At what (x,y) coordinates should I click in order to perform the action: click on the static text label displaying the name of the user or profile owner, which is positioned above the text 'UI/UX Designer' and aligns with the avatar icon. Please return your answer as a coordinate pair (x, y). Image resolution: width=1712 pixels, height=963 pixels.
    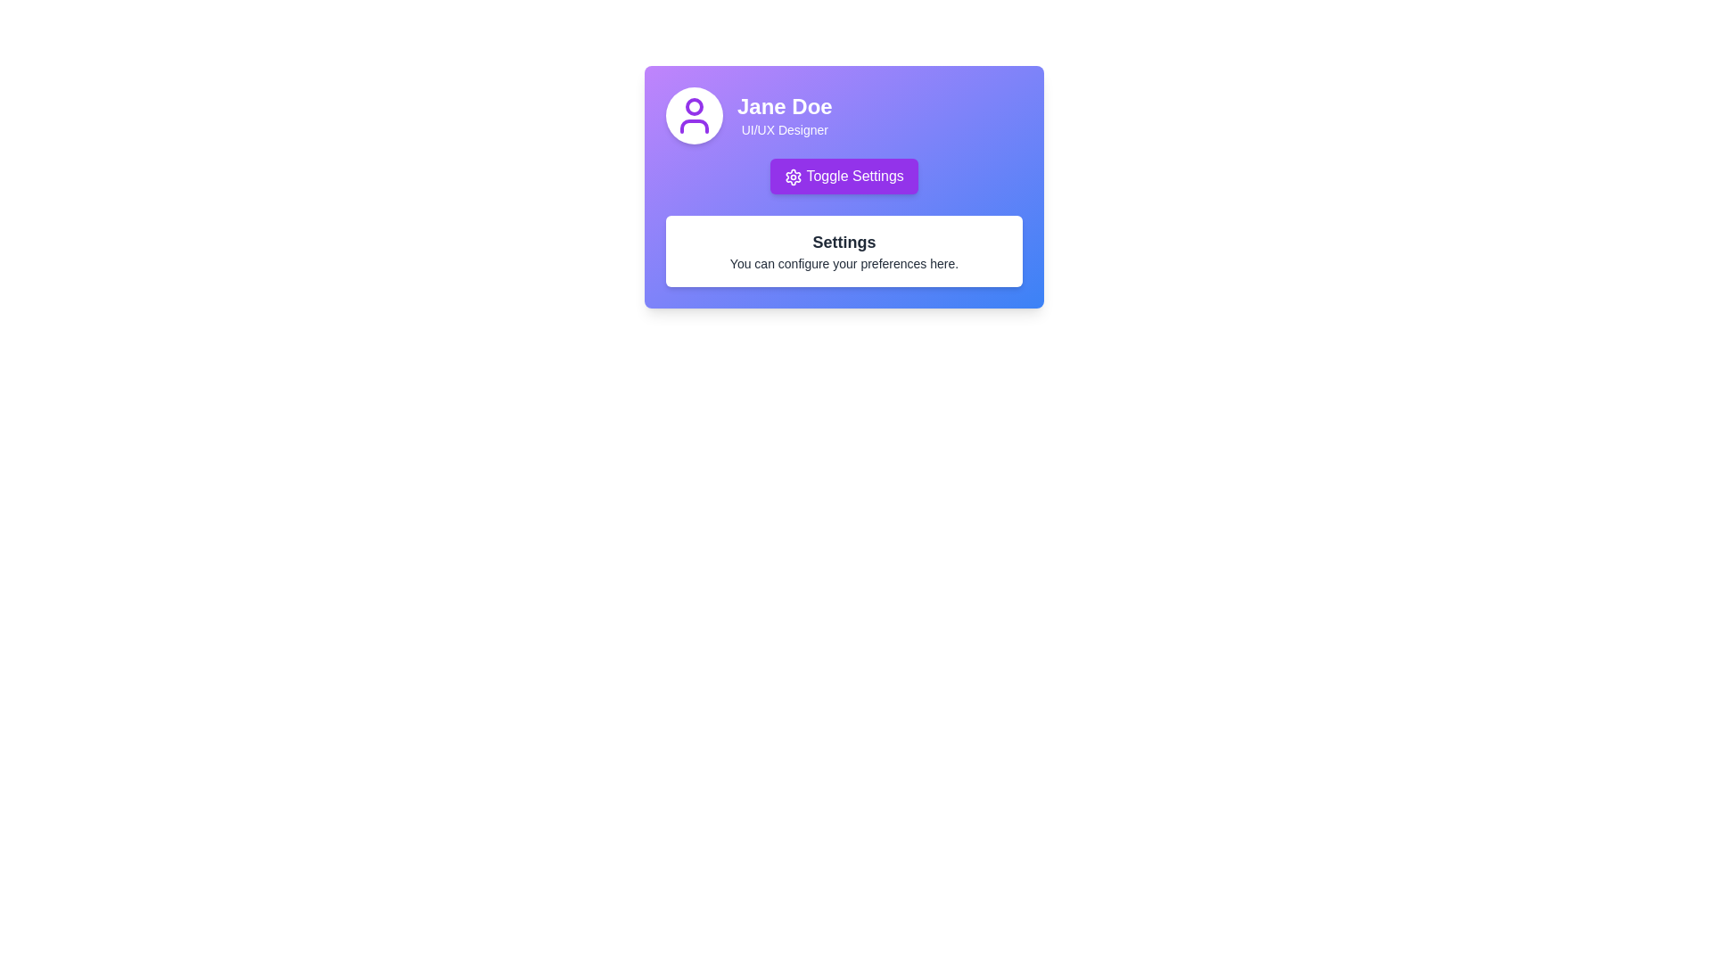
    Looking at the image, I should click on (785, 106).